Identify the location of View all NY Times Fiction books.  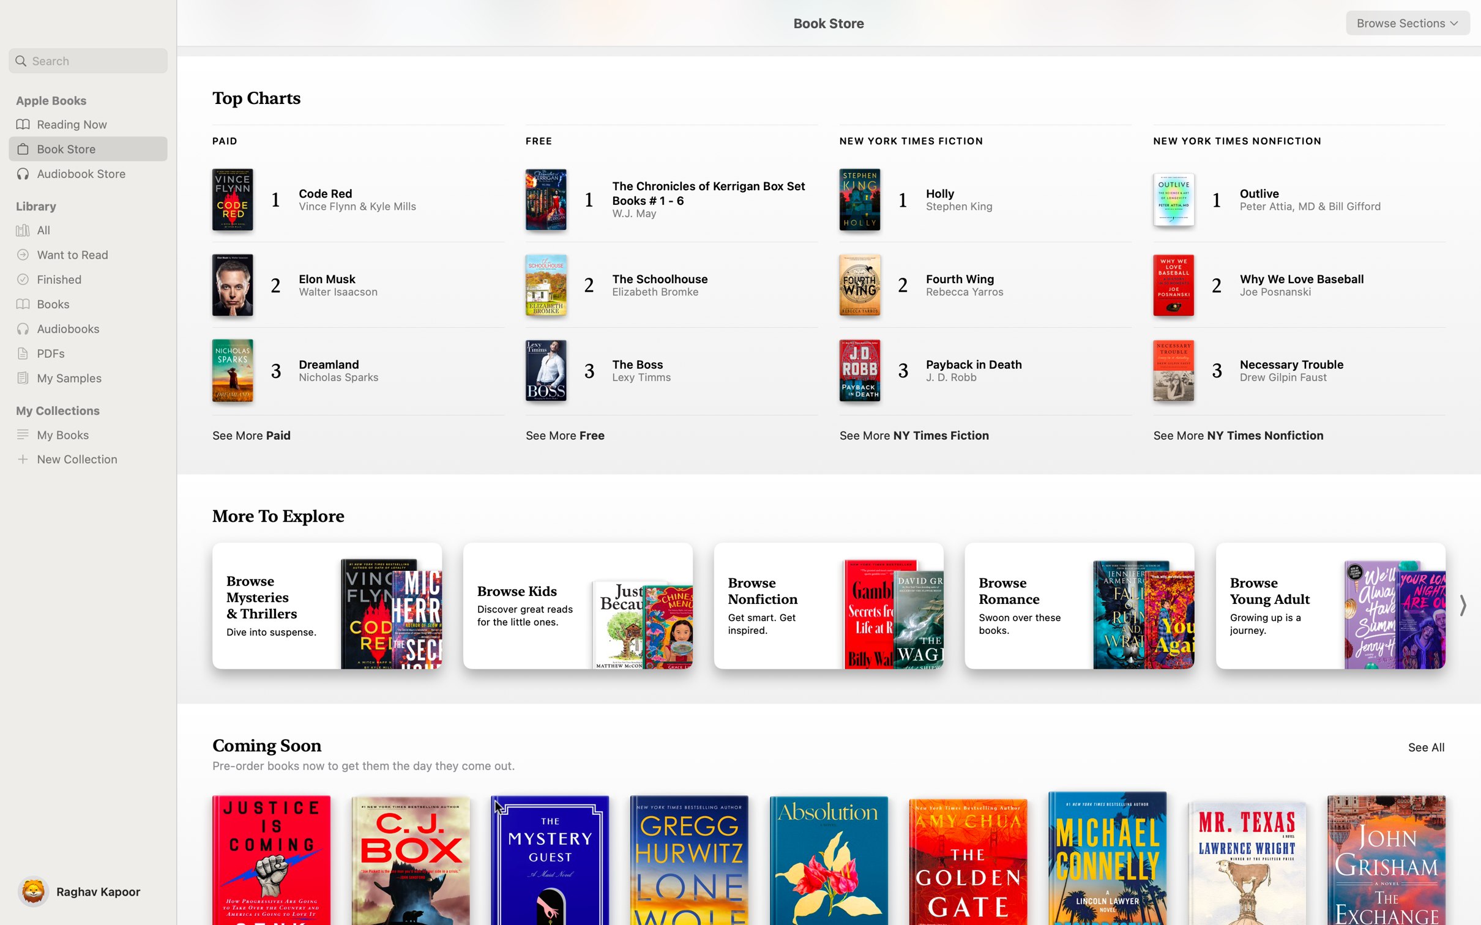
(914, 433).